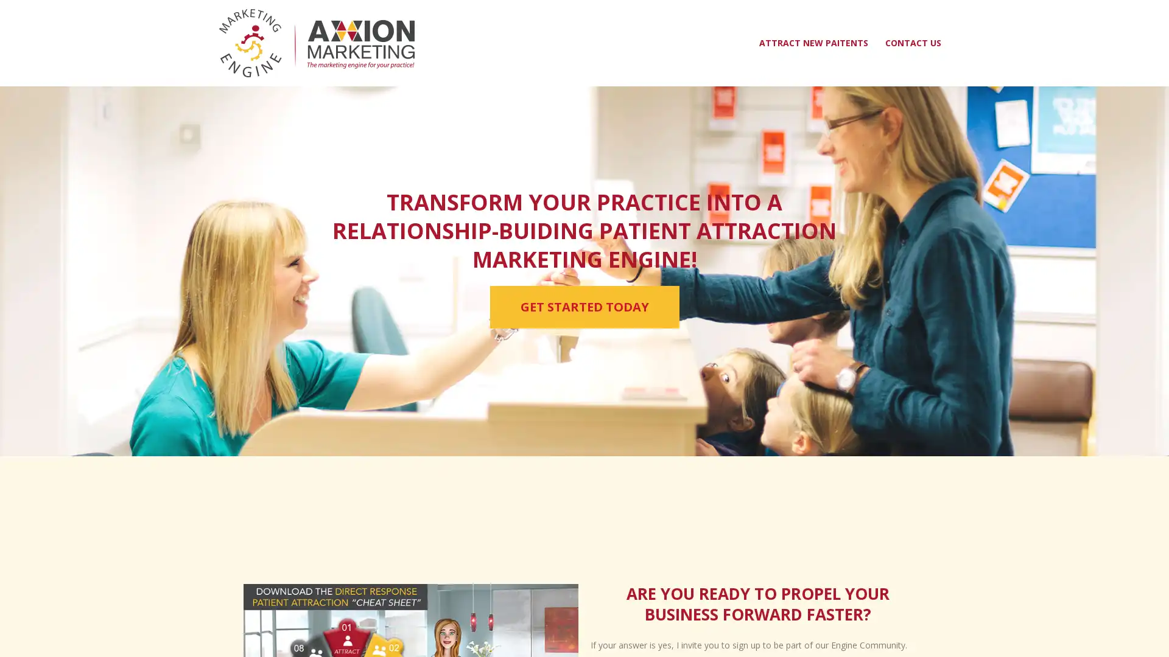  I want to click on GET STARTED TODAY, so click(583, 307).